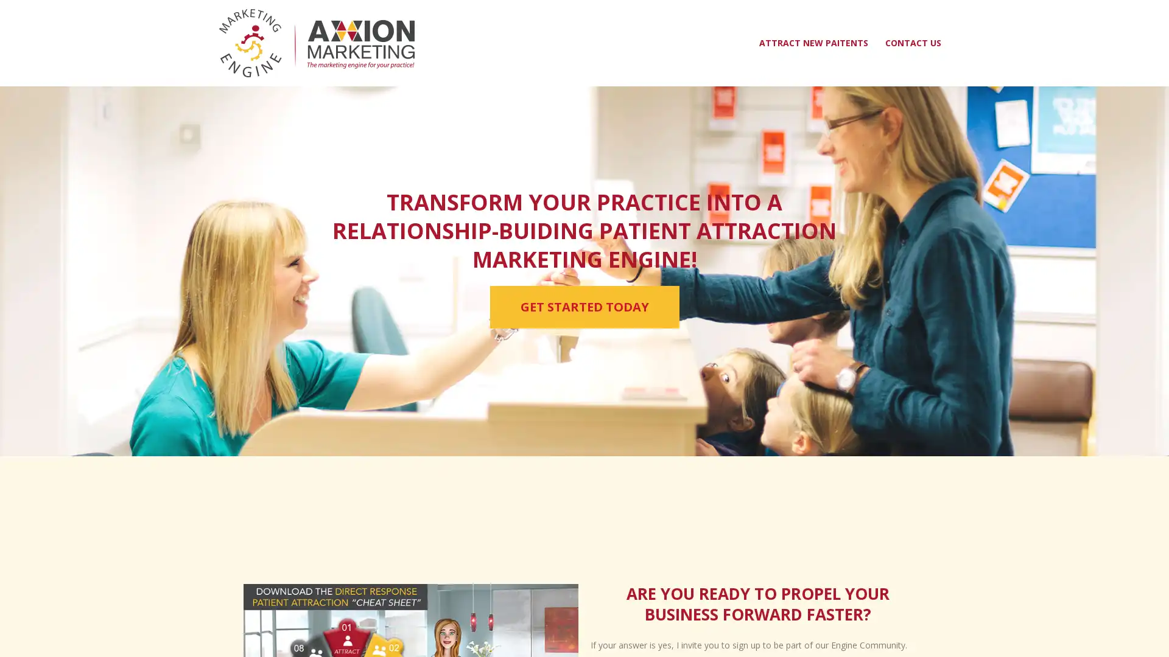  I want to click on GET STARTED TODAY, so click(583, 307).